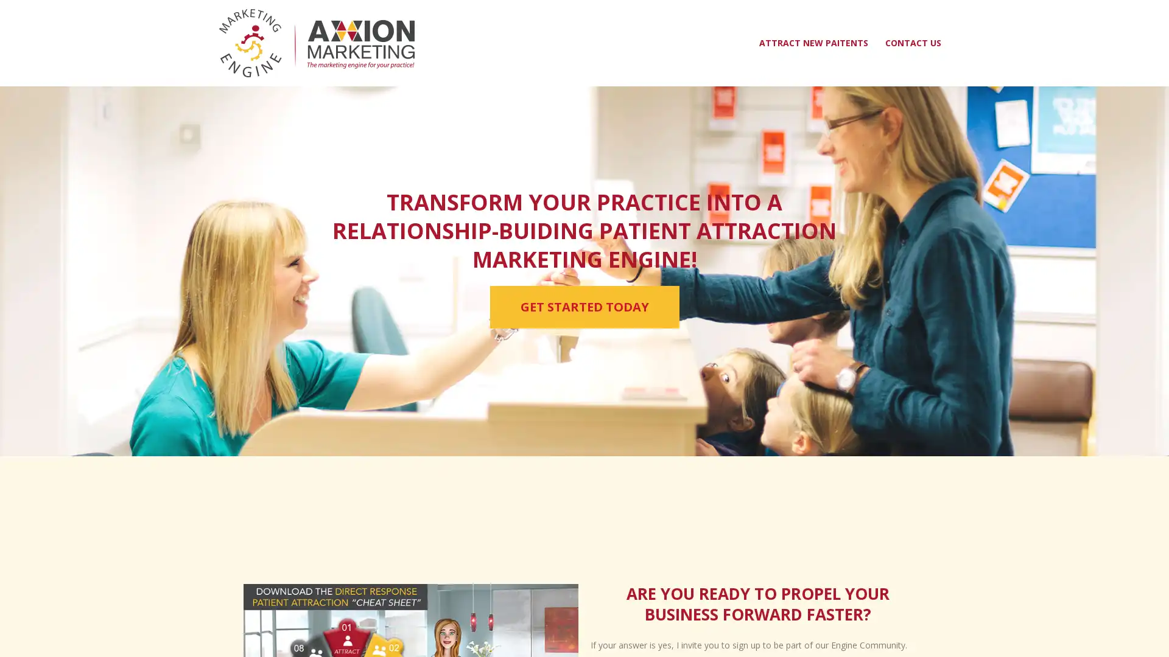  I want to click on GET STARTED TODAY, so click(583, 307).